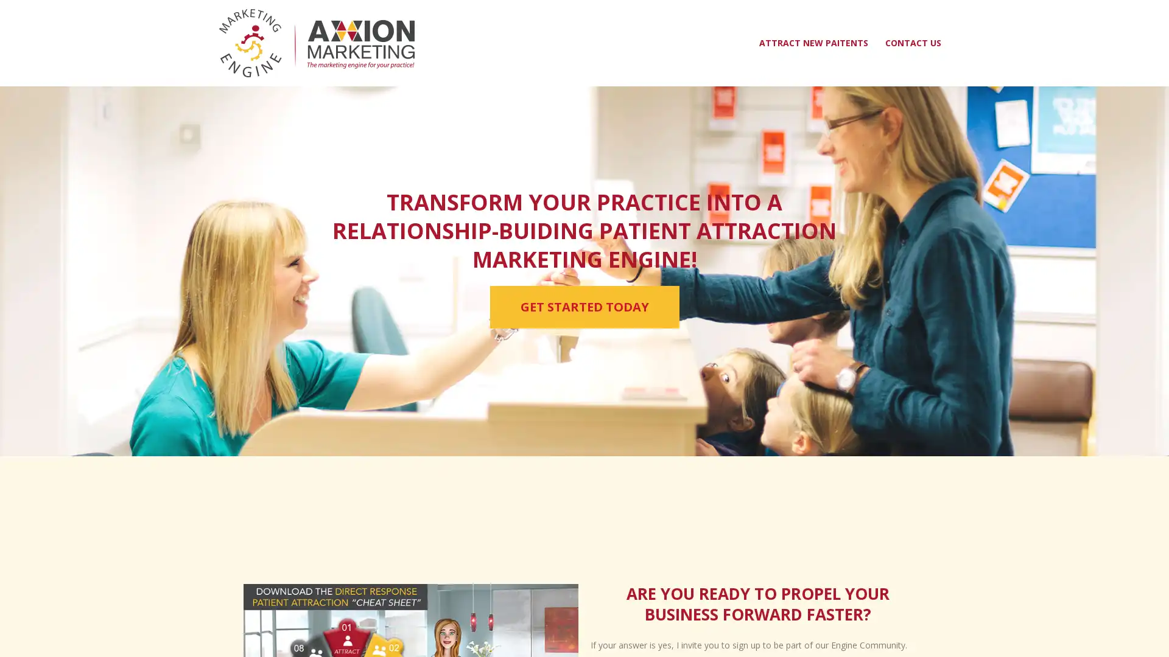  I want to click on GET STARTED TODAY, so click(583, 307).